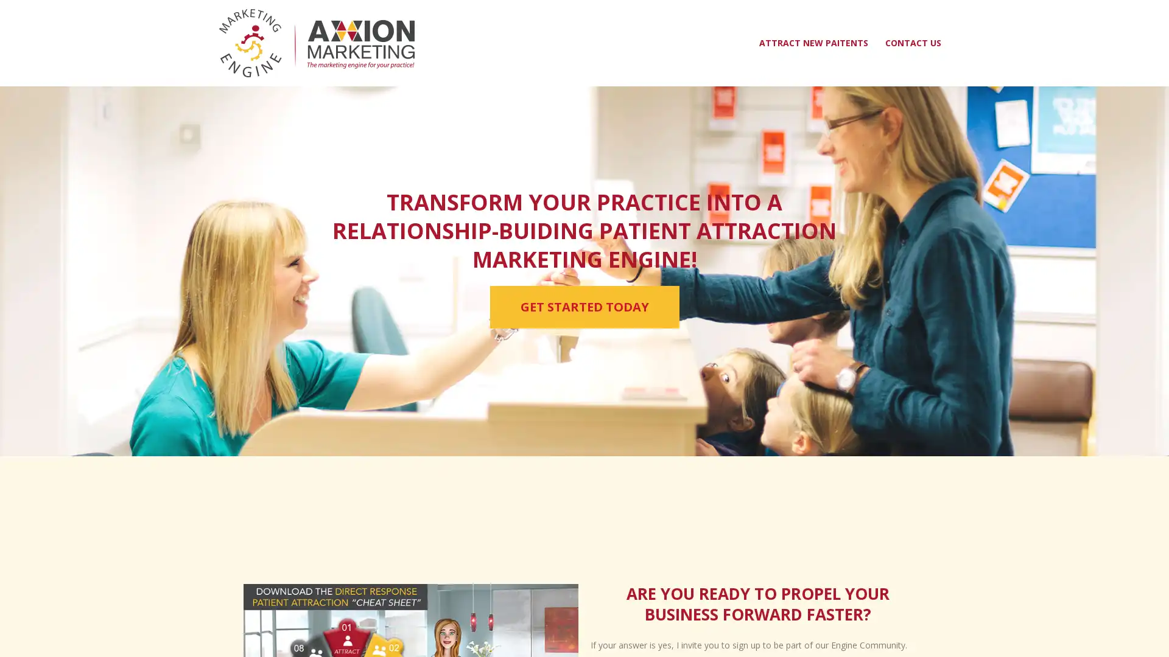  I want to click on GET STARTED TODAY, so click(583, 307).